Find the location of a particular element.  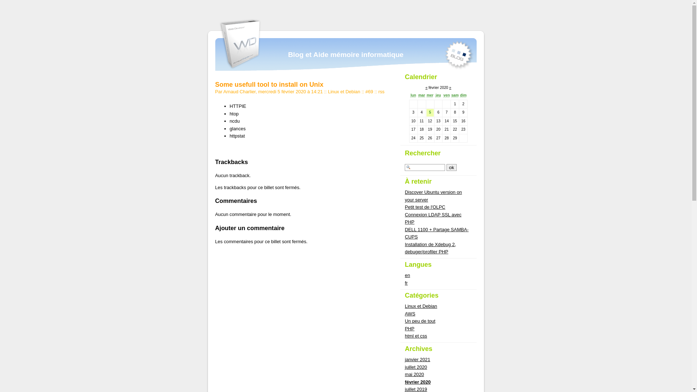

'rss' is located at coordinates (381, 91).